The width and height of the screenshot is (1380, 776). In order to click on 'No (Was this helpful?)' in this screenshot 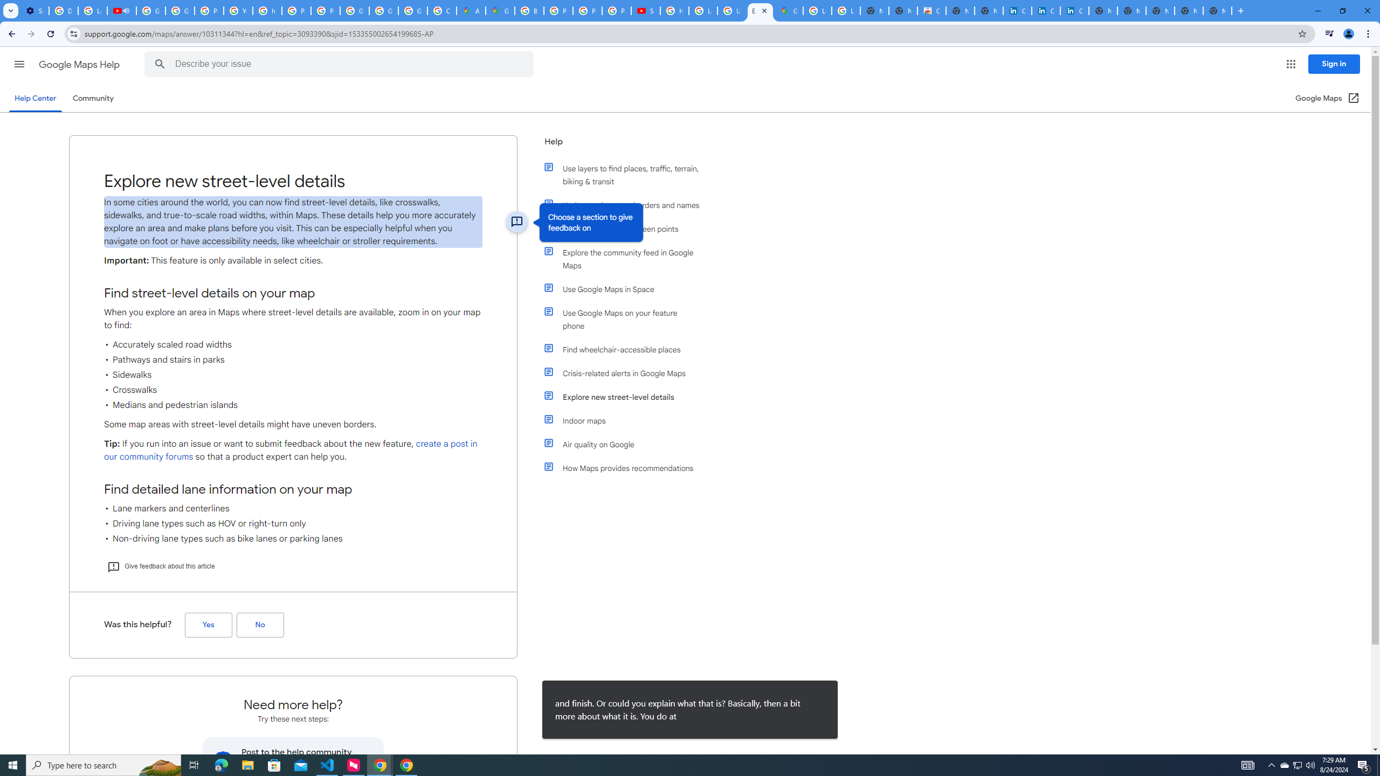, I will do `click(259, 625)`.